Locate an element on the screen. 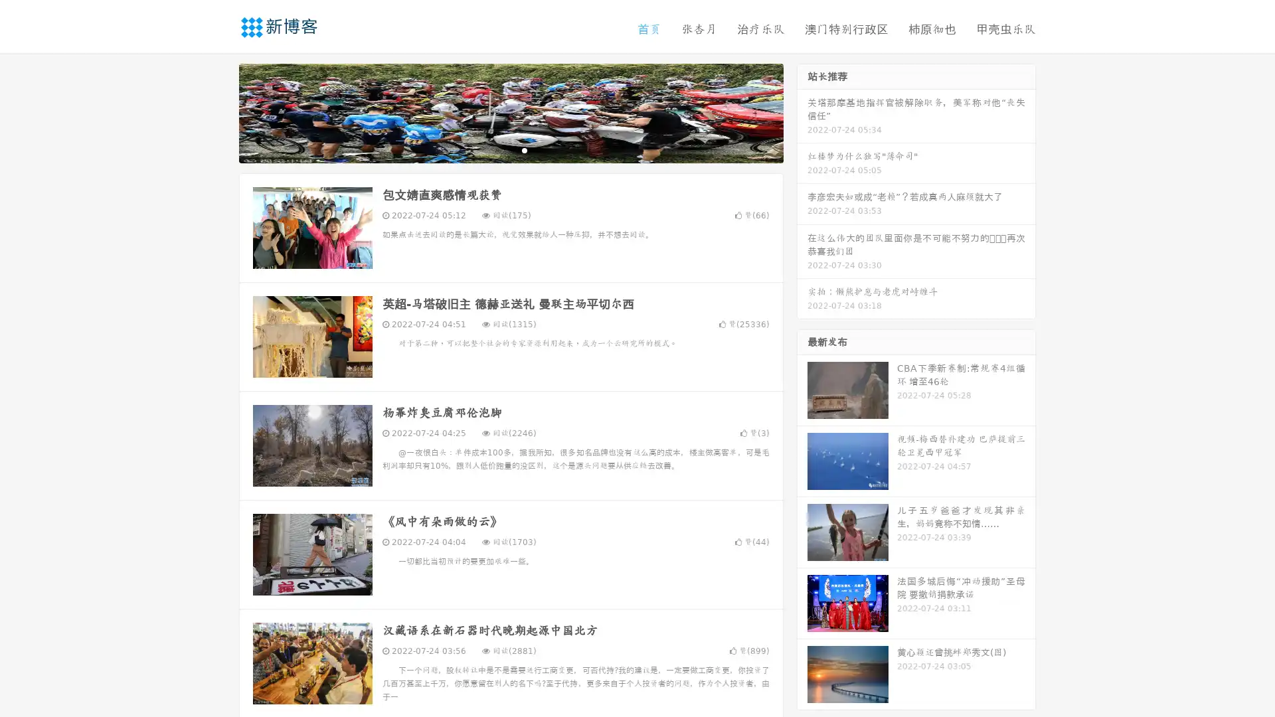 The height and width of the screenshot is (717, 1275). Next slide is located at coordinates (802, 112).